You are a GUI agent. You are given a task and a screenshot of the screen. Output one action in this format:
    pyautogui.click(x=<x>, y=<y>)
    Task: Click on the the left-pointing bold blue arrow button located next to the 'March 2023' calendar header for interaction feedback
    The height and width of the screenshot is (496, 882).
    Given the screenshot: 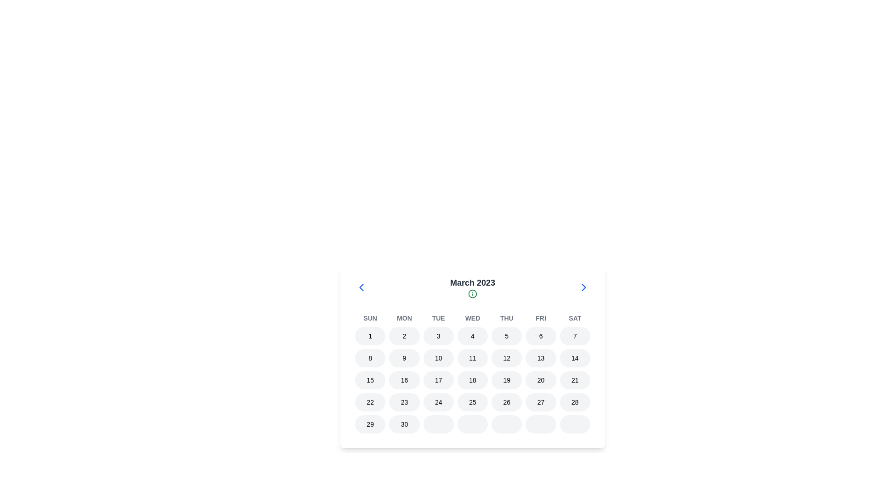 What is the action you would take?
    pyautogui.click(x=361, y=287)
    